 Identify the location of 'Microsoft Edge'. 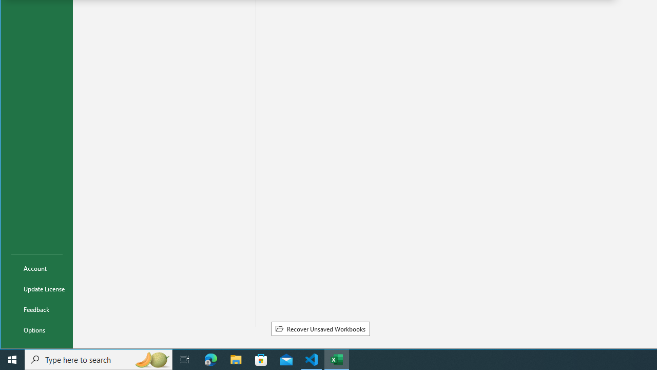
(210, 359).